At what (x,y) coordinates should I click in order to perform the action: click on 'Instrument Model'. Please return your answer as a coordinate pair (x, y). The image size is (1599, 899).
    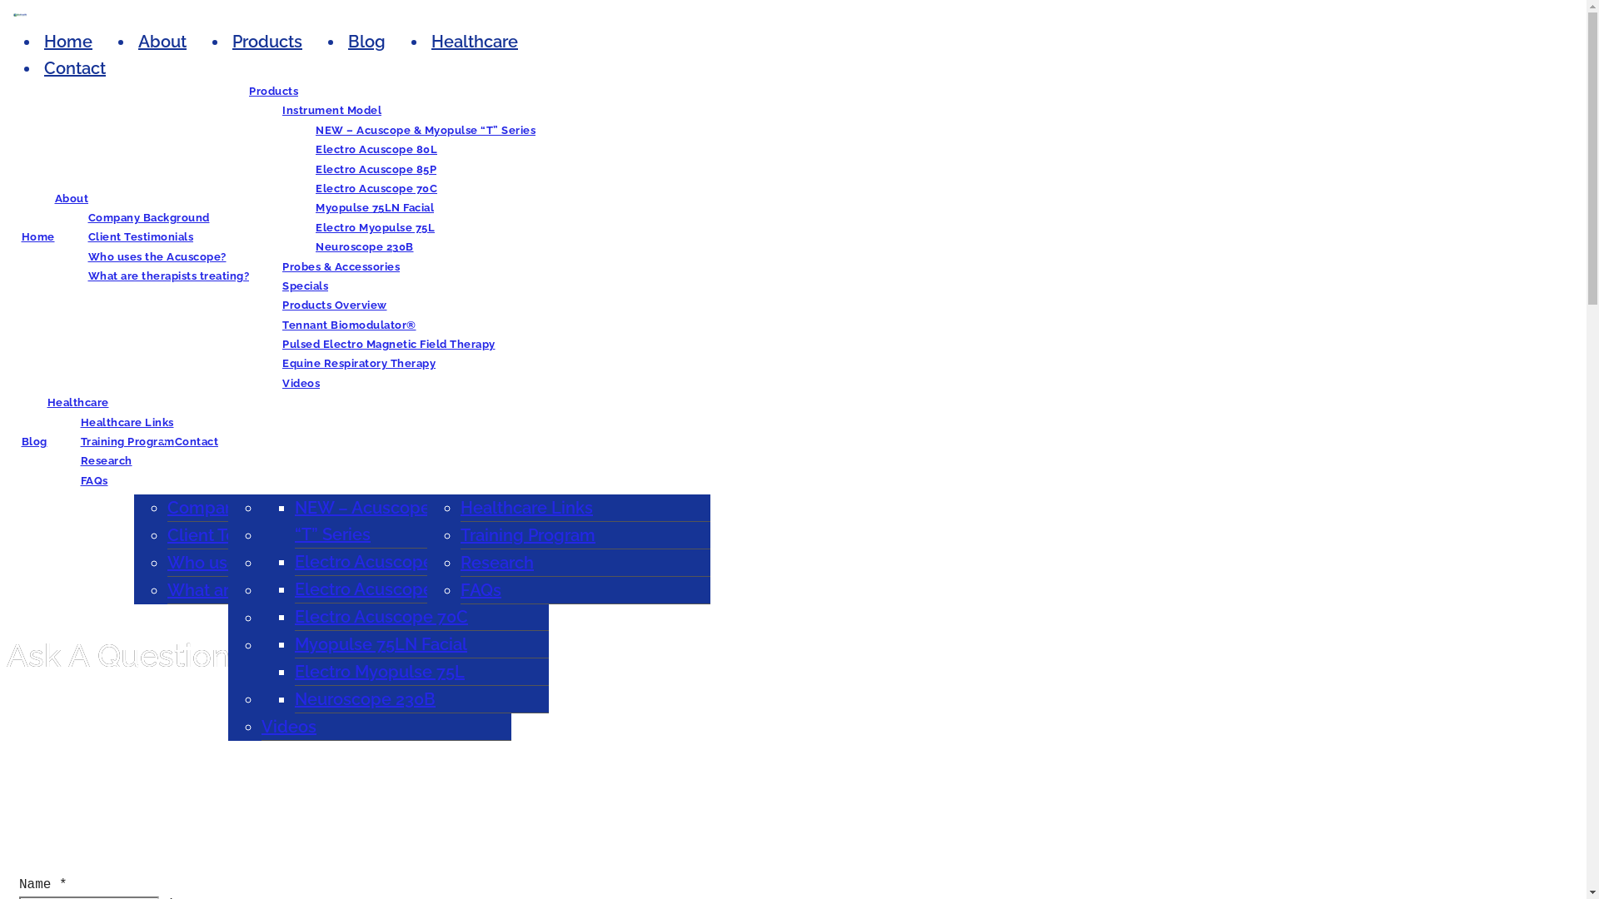
    Looking at the image, I should click on (282, 110).